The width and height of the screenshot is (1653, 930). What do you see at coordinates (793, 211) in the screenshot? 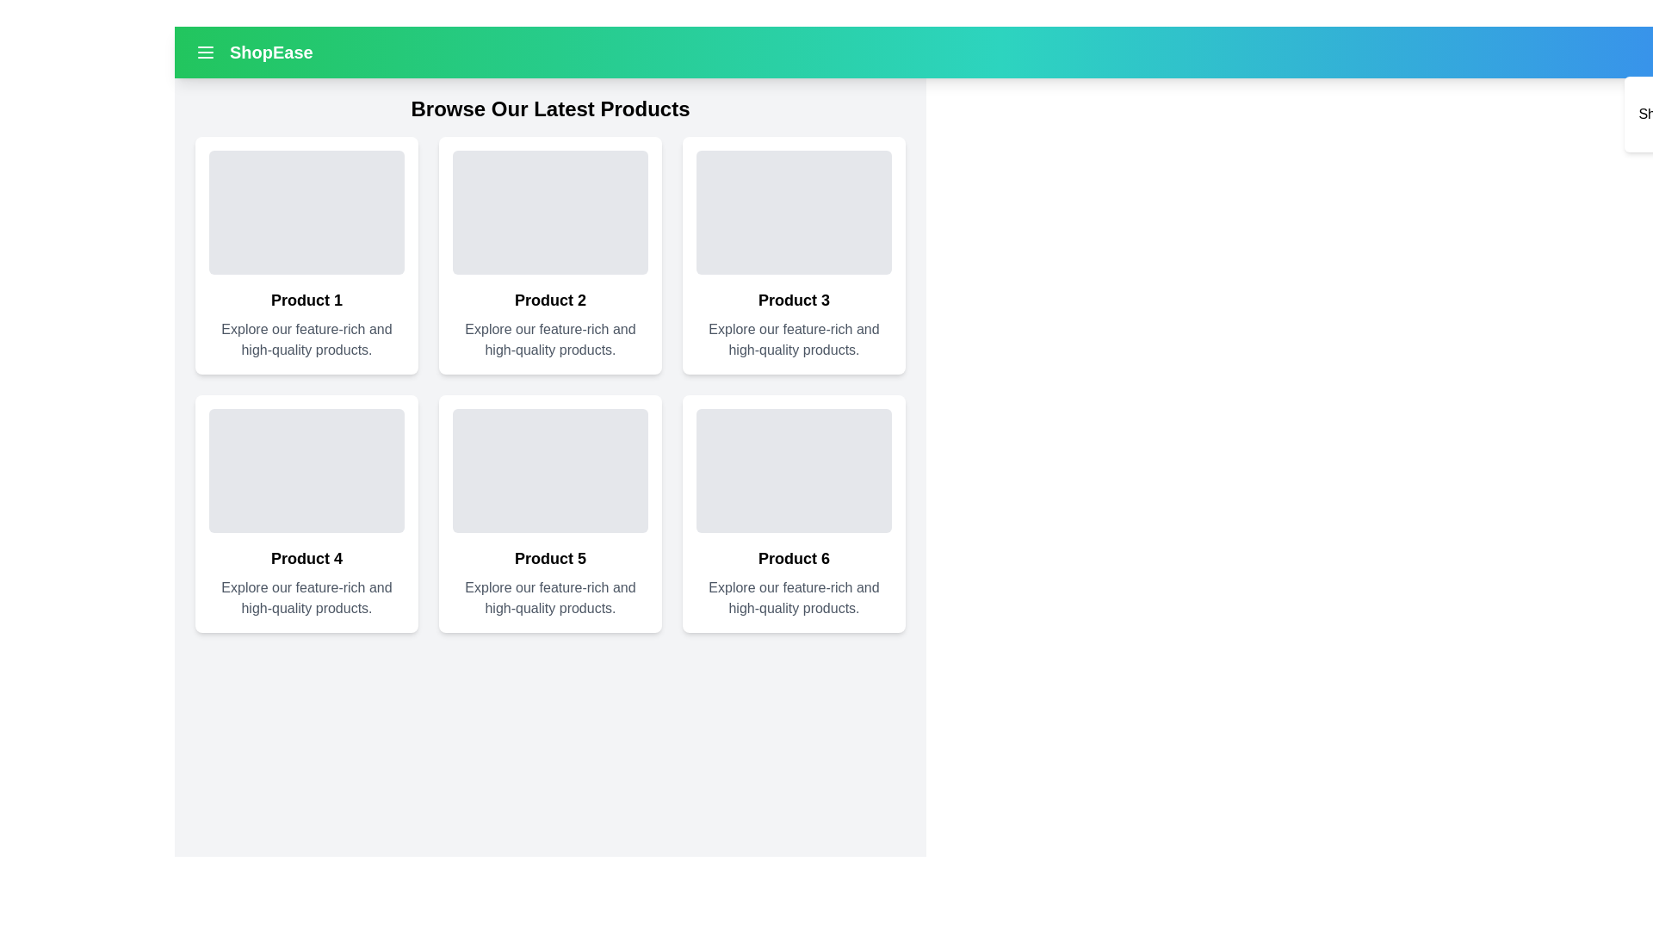
I see `the image placeholder located at the top of the 'Product 3' section, which features a light gray background and rounded corners, indicating visual content` at bounding box center [793, 211].